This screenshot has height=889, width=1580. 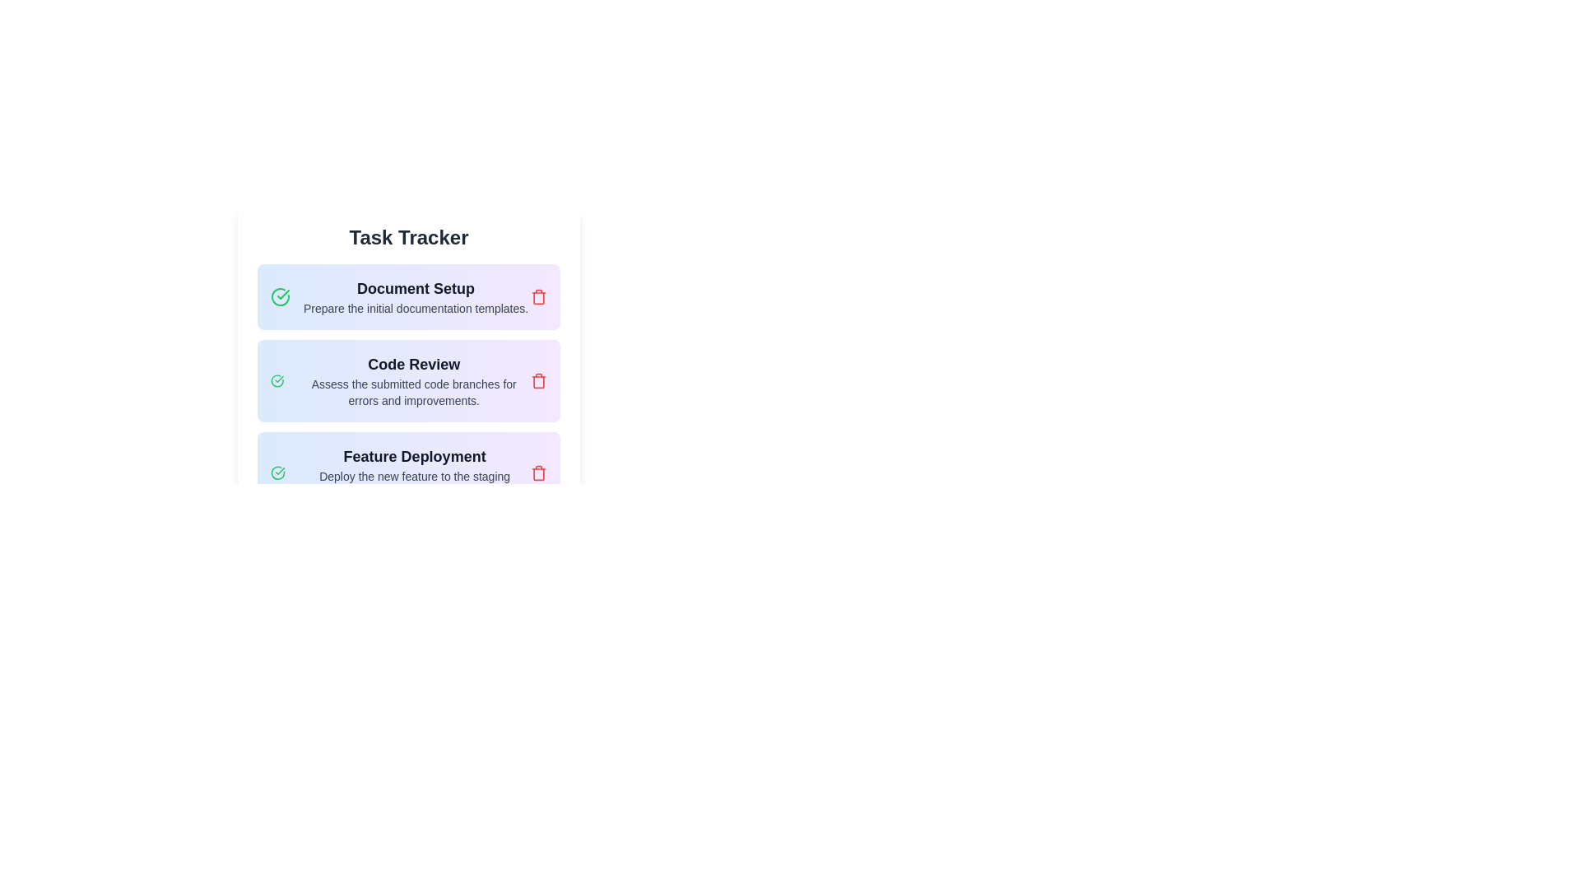 I want to click on the checkmark icon on the 'Code Review' task item to indicate its completion in the task management interface, so click(x=409, y=389).